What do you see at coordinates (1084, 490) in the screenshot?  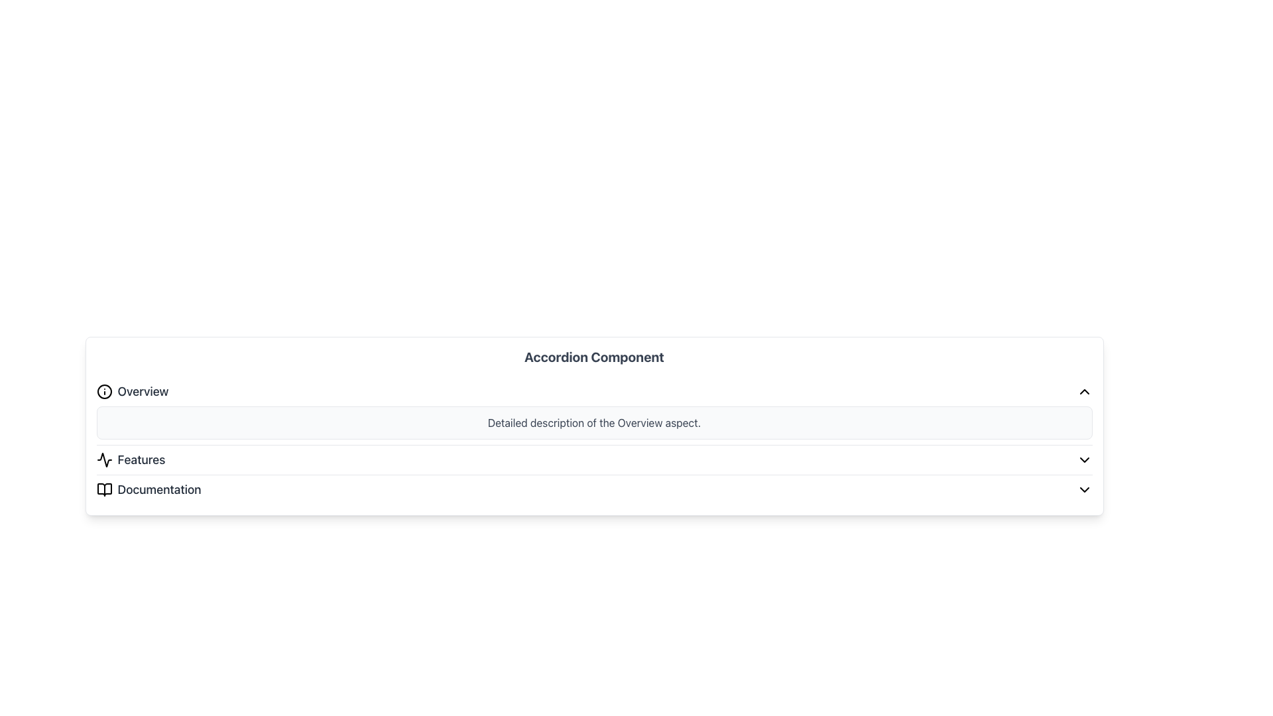 I see `the Chevron icon at the far right of the 'Documentation' row in the accordion` at bounding box center [1084, 490].